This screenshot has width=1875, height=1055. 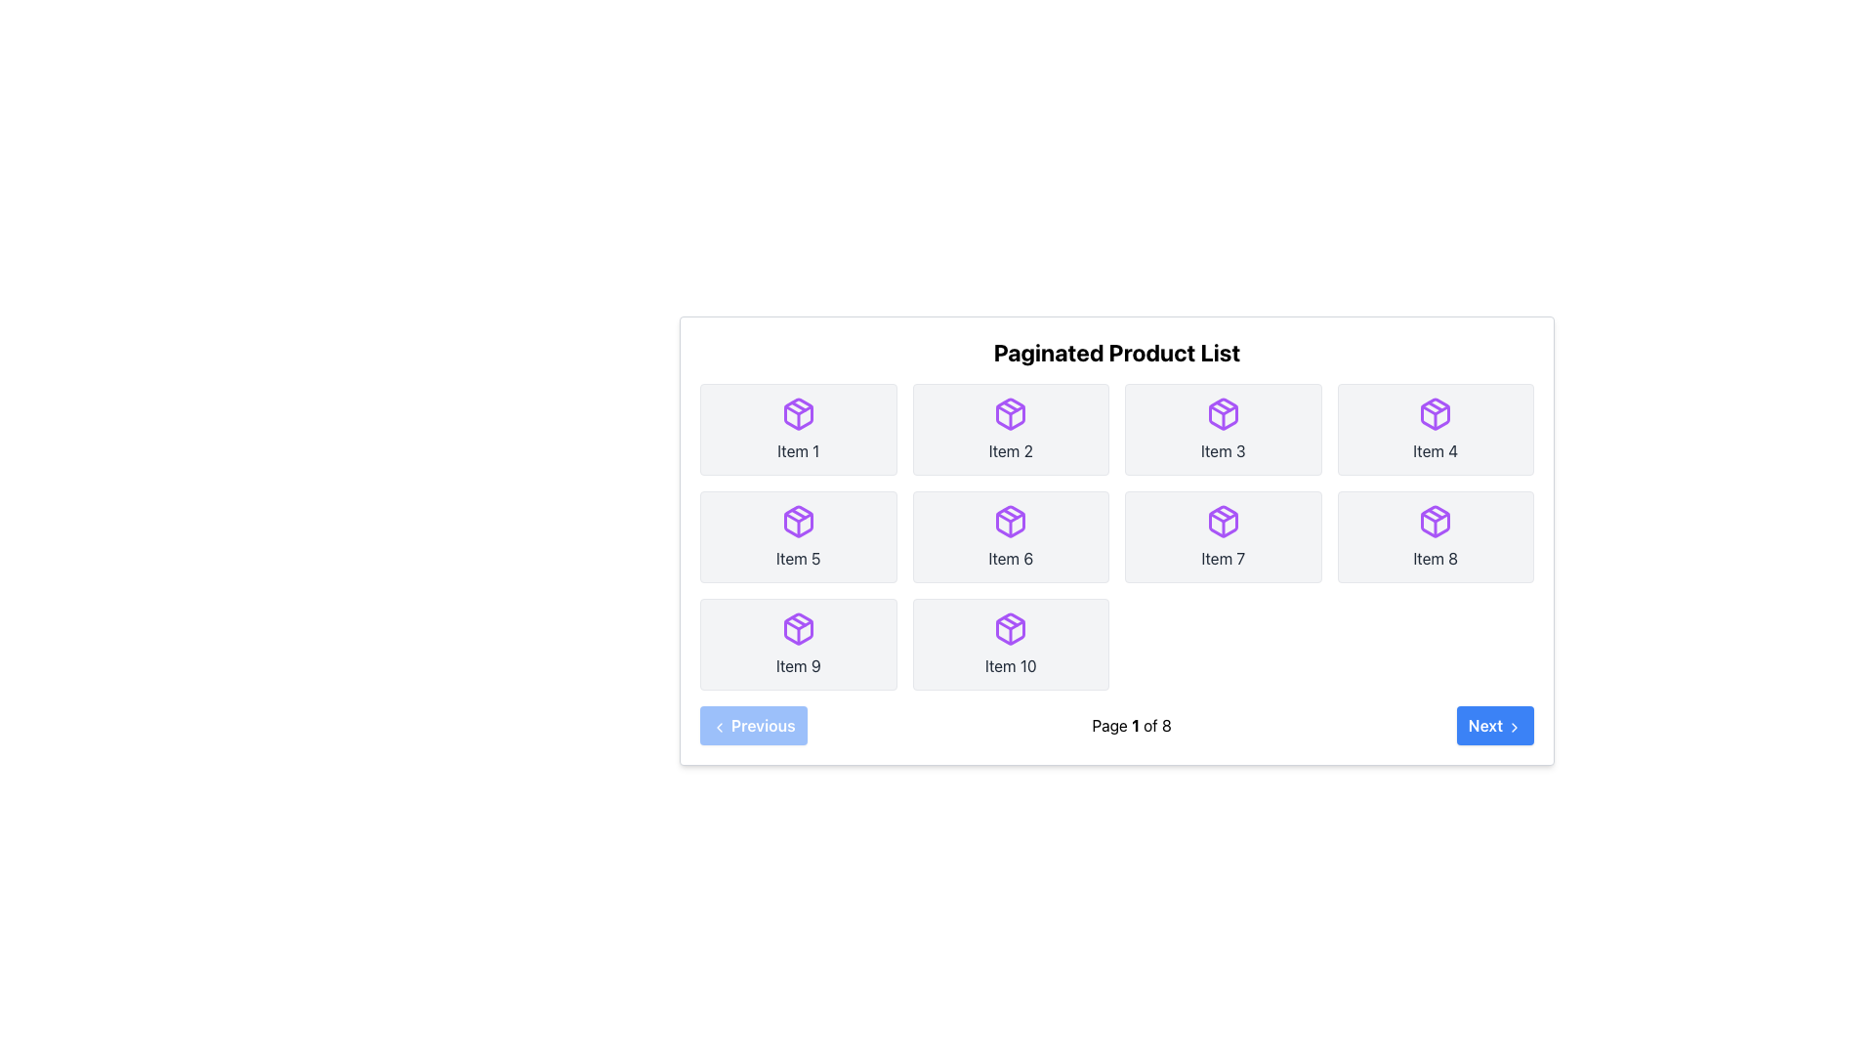 I want to click on the rightmost icon in the second row of the grid layout within the 'Paginated Product List', so click(x=1436, y=520).